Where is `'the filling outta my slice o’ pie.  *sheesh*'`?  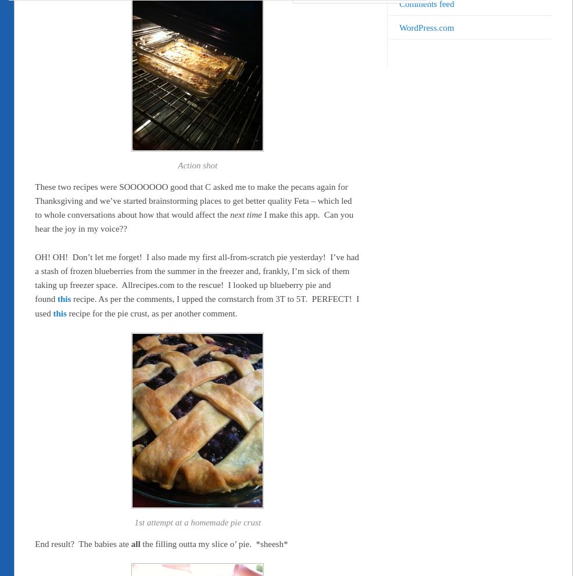 'the filling outta my slice o’ pie.  *sheesh*' is located at coordinates (213, 542).